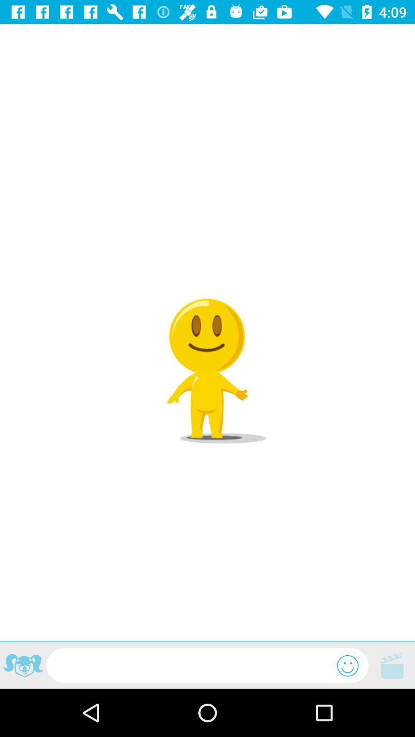 Image resolution: width=415 pixels, height=737 pixels. Describe the element at coordinates (348, 665) in the screenshot. I see `emoji options` at that location.